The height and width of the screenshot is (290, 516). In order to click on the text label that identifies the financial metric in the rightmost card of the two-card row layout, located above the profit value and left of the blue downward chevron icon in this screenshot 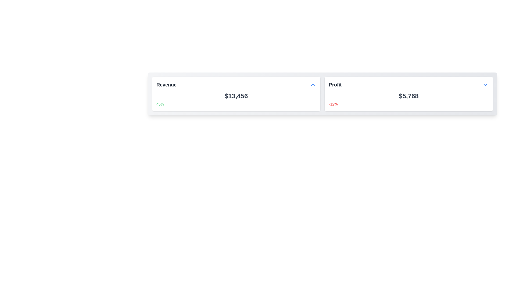, I will do `click(335, 85)`.